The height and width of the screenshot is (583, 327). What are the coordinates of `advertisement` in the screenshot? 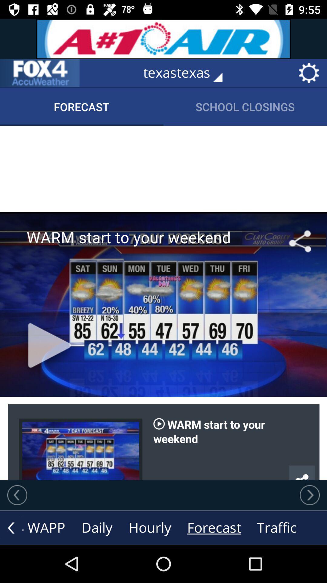 It's located at (163, 39).